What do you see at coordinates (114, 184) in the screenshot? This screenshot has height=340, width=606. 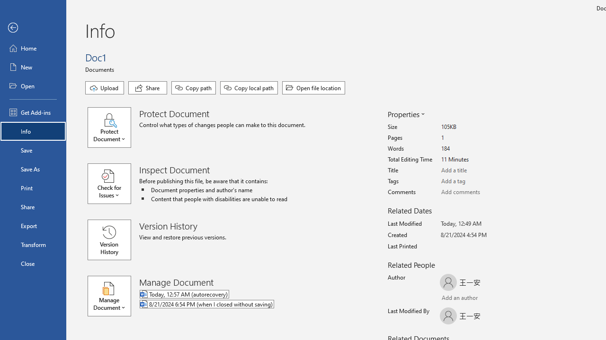 I see `'Check for Issues'` at bounding box center [114, 184].